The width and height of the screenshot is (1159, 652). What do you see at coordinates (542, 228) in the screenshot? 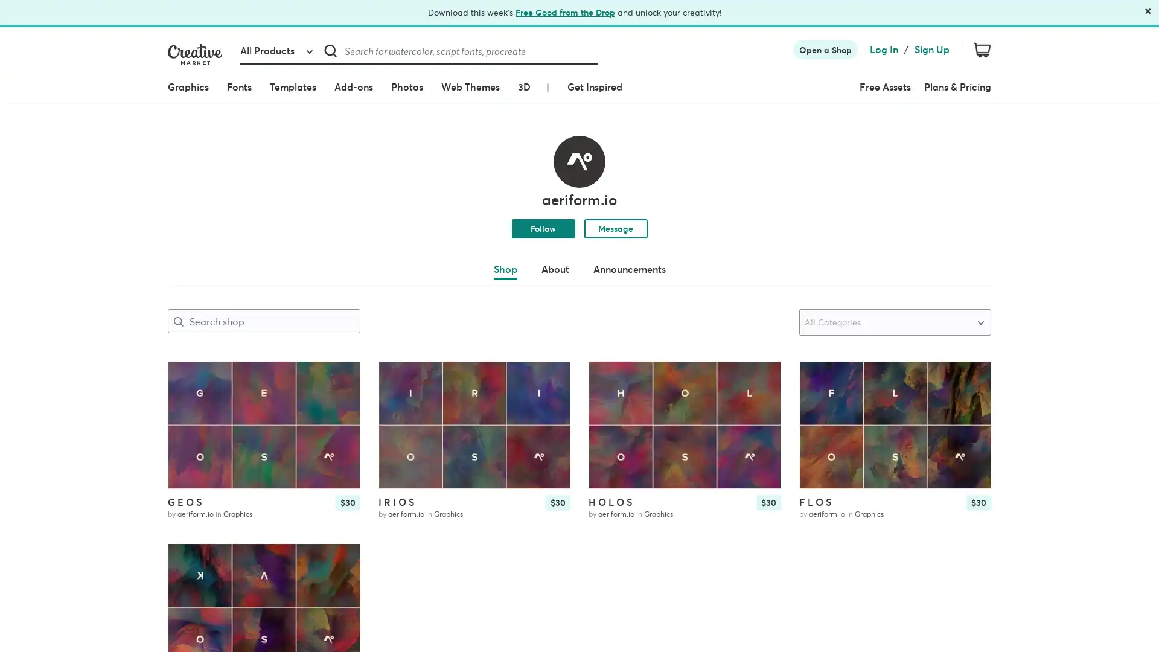
I see `Follow` at bounding box center [542, 228].